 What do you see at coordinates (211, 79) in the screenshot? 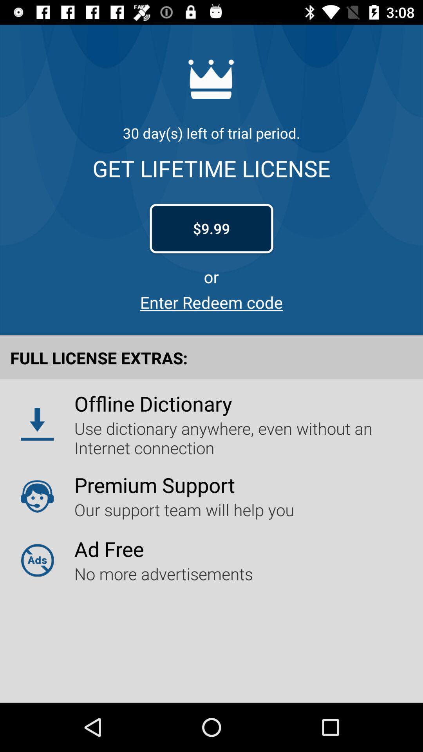
I see `the crown logo on the web page` at bounding box center [211, 79].